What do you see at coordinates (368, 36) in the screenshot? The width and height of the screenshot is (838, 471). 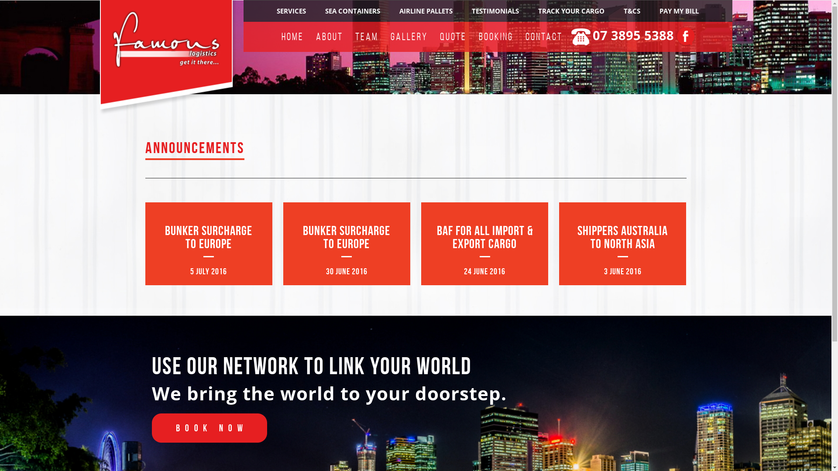 I see `'TEAM'` at bounding box center [368, 36].